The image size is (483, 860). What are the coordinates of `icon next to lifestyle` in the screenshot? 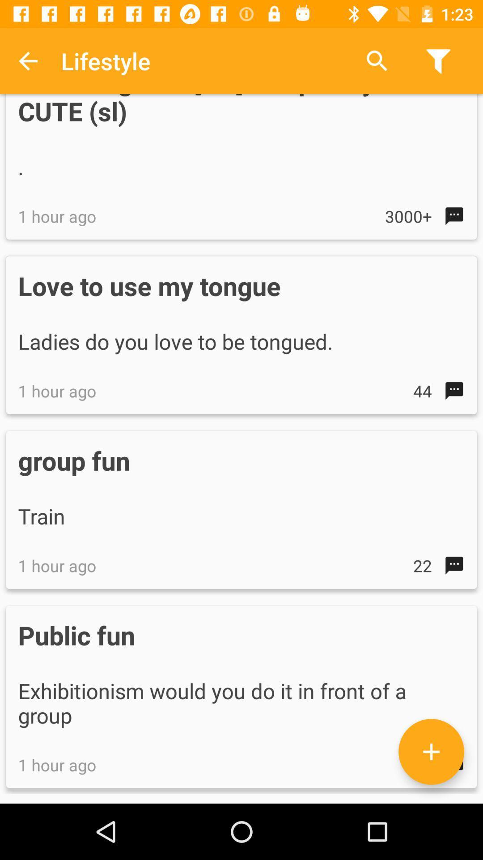 It's located at (377, 60).